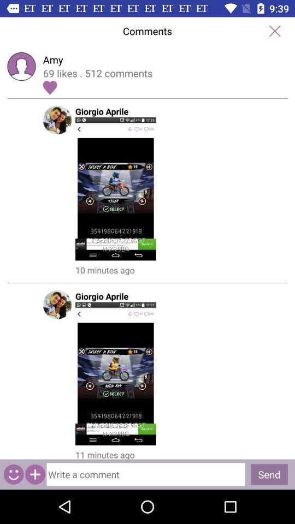  Describe the element at coordinates (274, 31) in the screenshot. I see `the close icon` at that location.